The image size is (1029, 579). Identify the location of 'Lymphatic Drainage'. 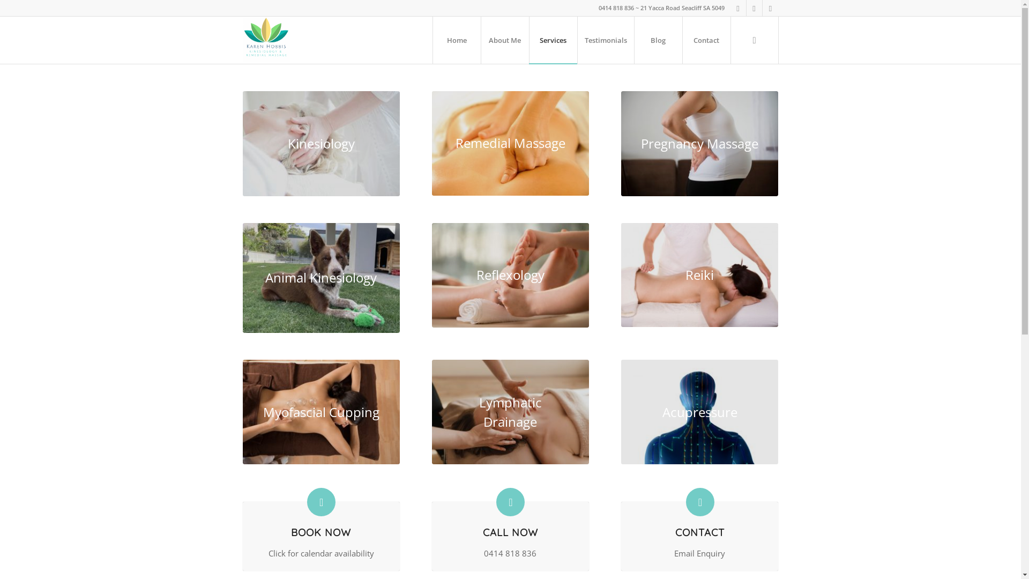
(510, 411).